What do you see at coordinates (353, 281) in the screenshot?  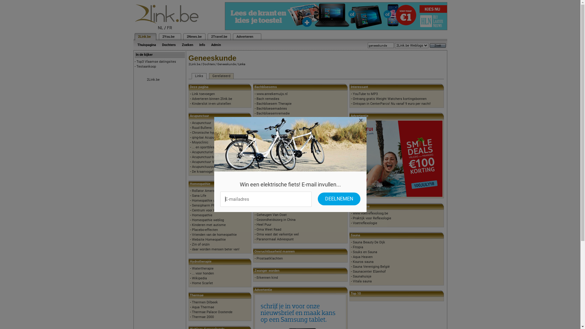 I see `'Vitala sauna'` at bounding box center [353, 281].